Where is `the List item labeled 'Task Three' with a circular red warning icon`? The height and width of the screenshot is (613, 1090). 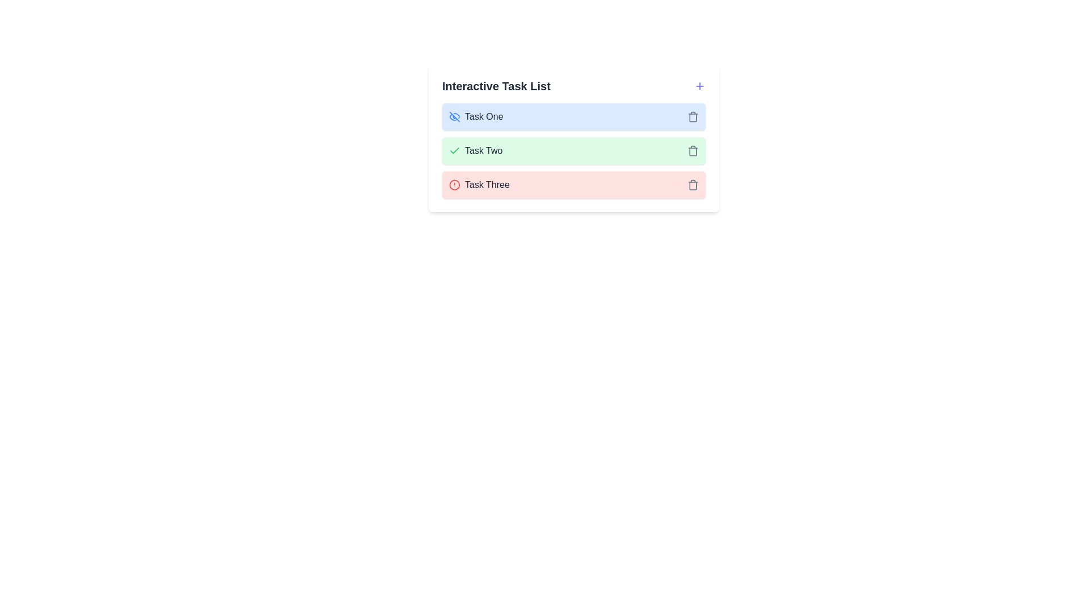 the List item labeled 'Task Three' with a circular red warning icon is located at coordinates (479, 184).